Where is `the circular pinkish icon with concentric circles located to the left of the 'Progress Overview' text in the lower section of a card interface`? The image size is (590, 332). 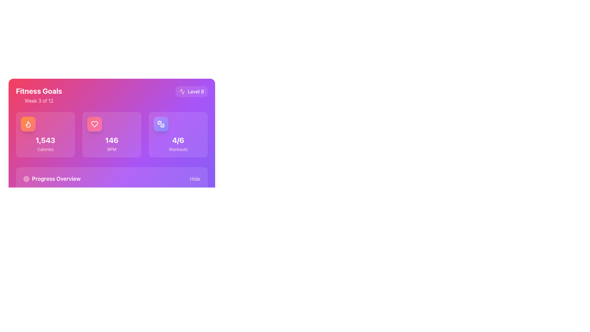
the circular pinkish icon with concentric circles located to the left of the 'Progress Overview' text in the lower section of a card interface is located at coordinates (26, 179).